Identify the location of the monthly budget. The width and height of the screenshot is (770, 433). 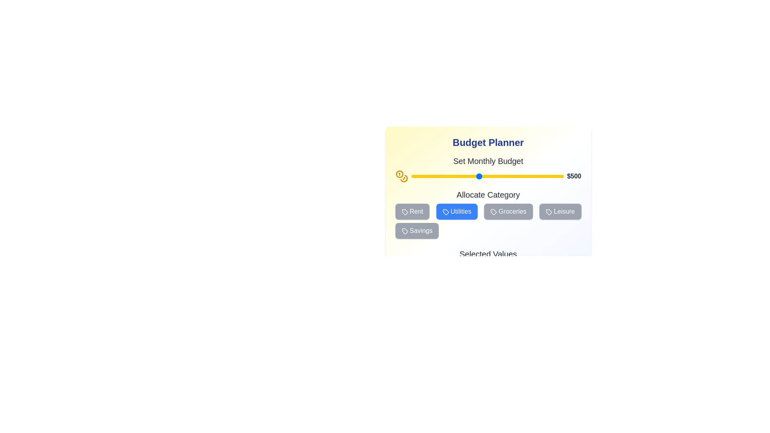
(546, 176).